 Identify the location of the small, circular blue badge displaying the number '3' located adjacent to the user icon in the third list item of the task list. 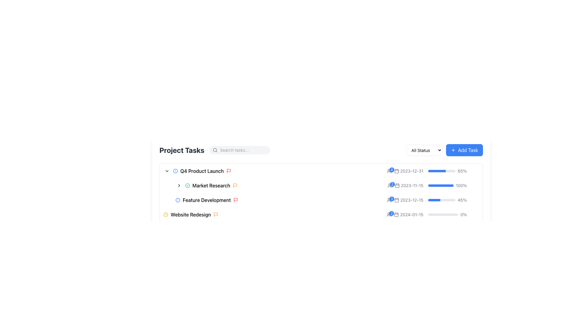
(389, 200).